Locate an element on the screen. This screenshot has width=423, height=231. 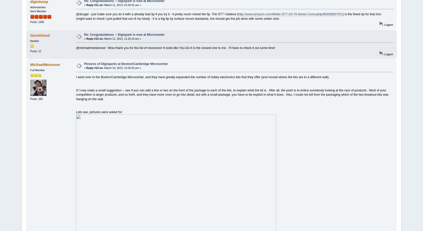
'I went over to the Boston/Cambridge Microcenter, and they have greatly expanded the number of hobby electronics kits that they offer (and moved where the kits are to a different wall).' is located at coordinates (202, 77).